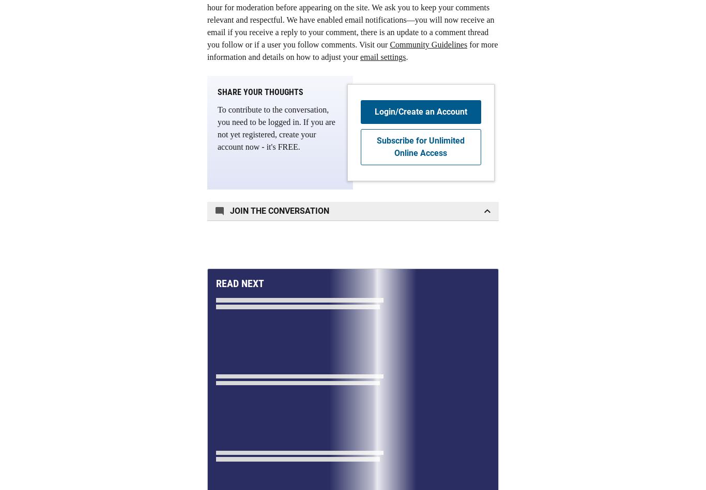  What do you see at coordinates (217, 128) in the screenshot?
I see `'To contribute to the conversation, you need to be logged in. If you are not yet registered, create your account now - it's FREE.'` at bounding box center [217, 128].